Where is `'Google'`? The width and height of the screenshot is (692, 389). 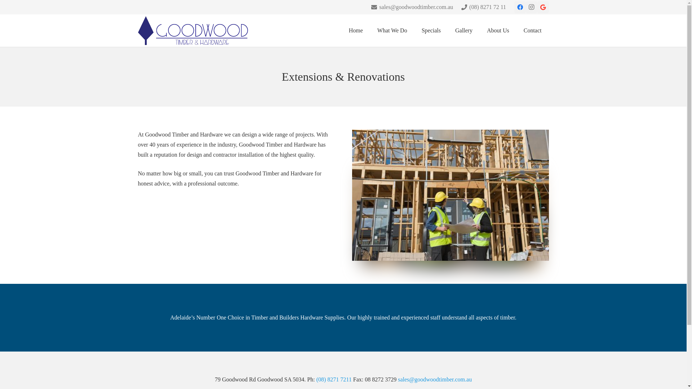
'Google' is located at coordinates (537, 7).